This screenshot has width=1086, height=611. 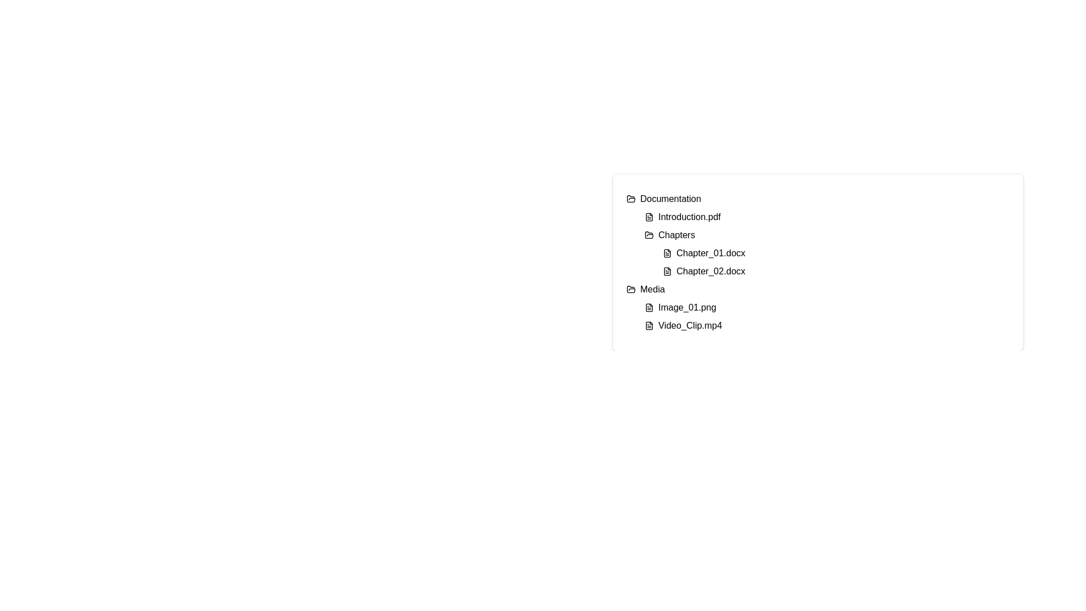 I want to click on the text label displaying 'Introduction.pdf' located under the 'Documentation' section, so click(x=689, y=217).